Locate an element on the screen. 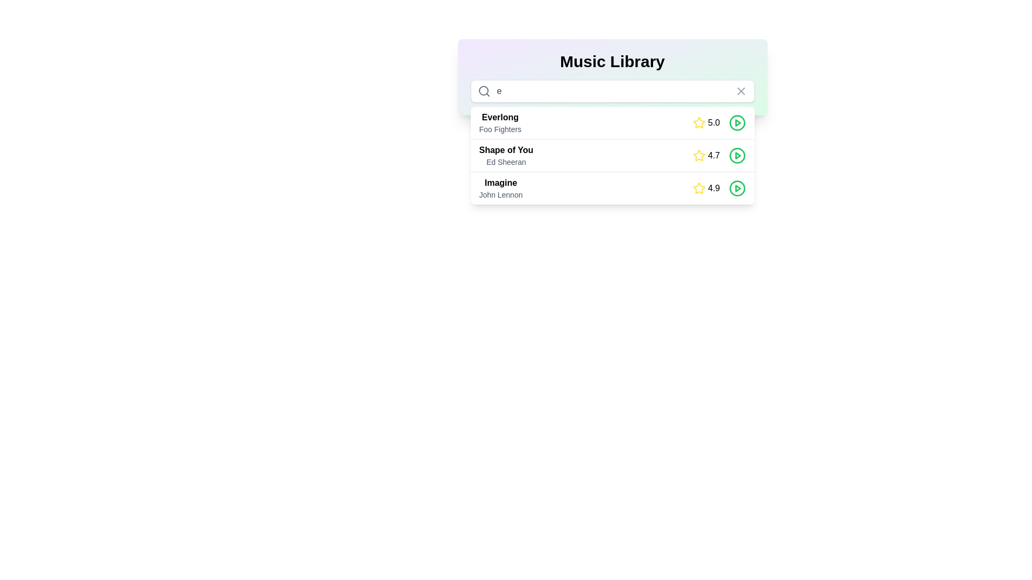 The width and height of the screenshot is (1032, 580). the text label 'John Lennon' which is positioned below 'Imagine' in the music library interface is located at coordinates (500, 194).